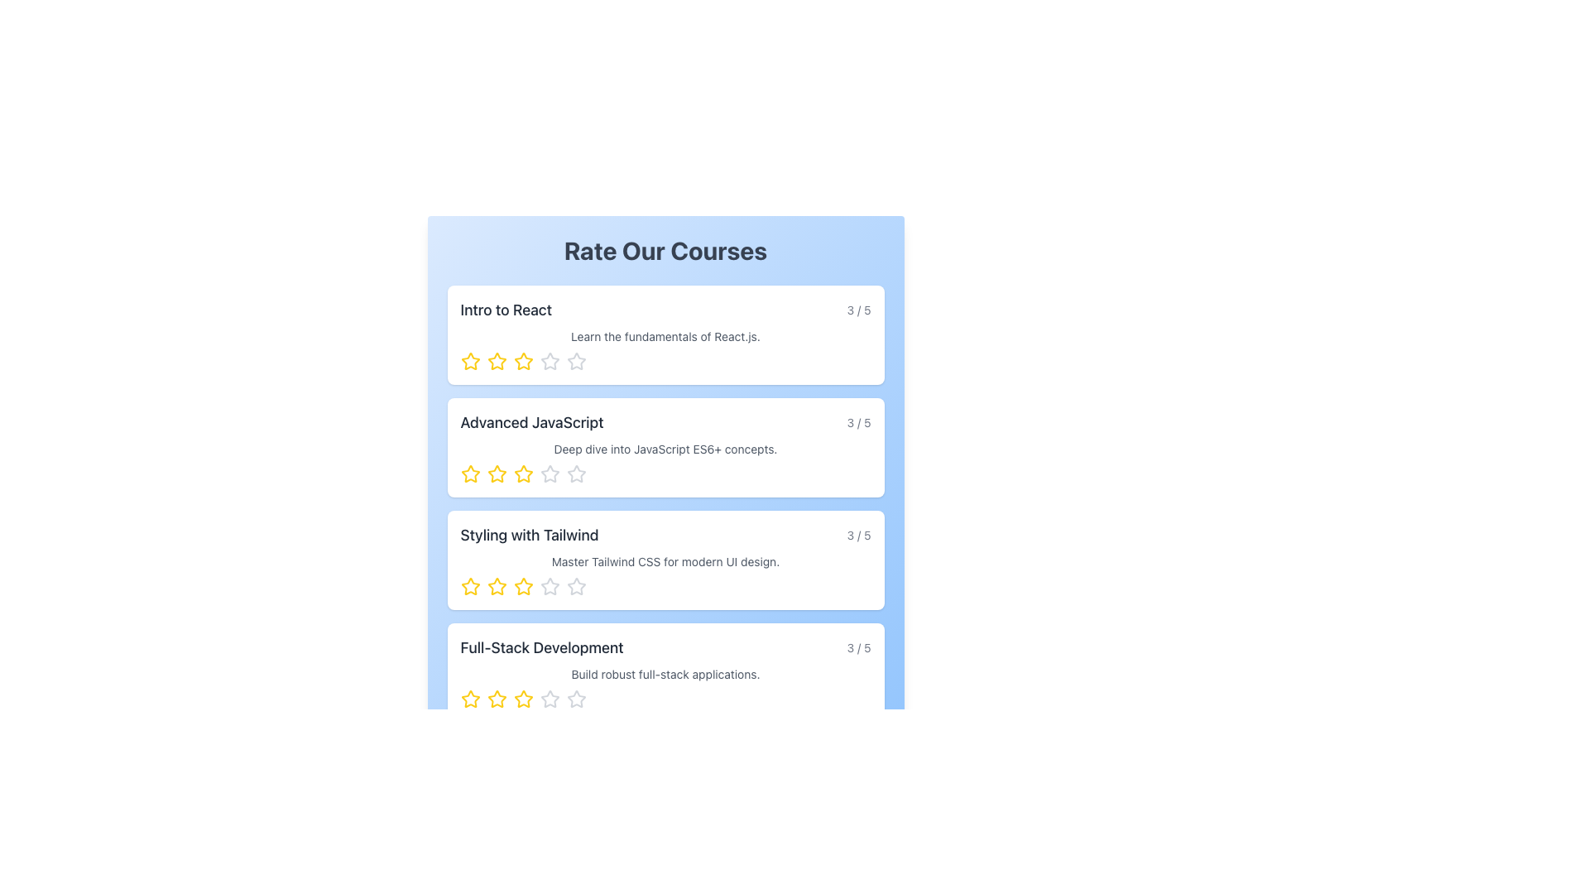 Image resolution: width=1589 pixels, height=894 pixels. What do you see at coordinates (522, 473) in the screenshot?
I see `the third star icon in the rating row of the 'Advanced JavaScript' course` at bounding box center [522, 473].